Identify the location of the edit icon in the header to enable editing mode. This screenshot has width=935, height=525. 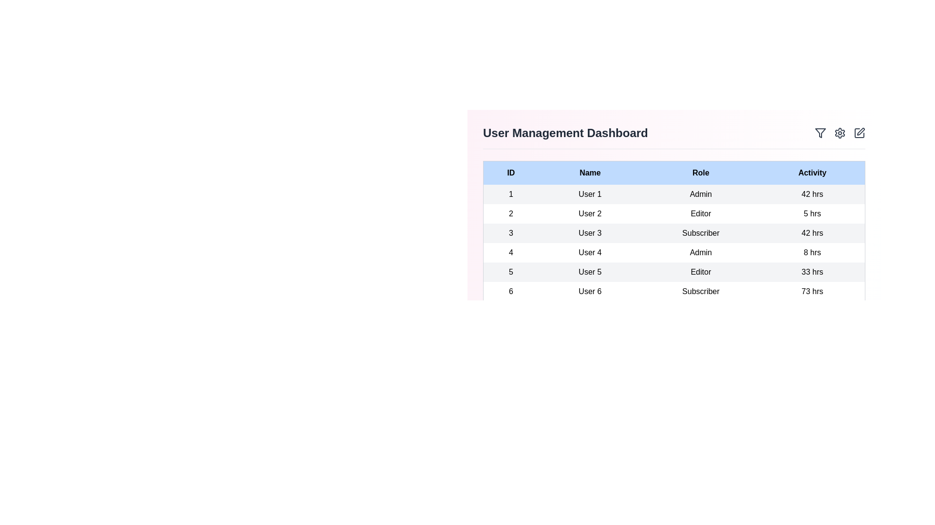
(860, 133).